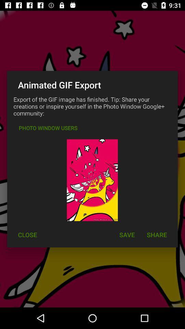 This screenshot has height=329, width=185. What do you see at coordinates (126, 235) in the screenshot?
I see `the icon to the right of the close` at bounding box center [126, 235].